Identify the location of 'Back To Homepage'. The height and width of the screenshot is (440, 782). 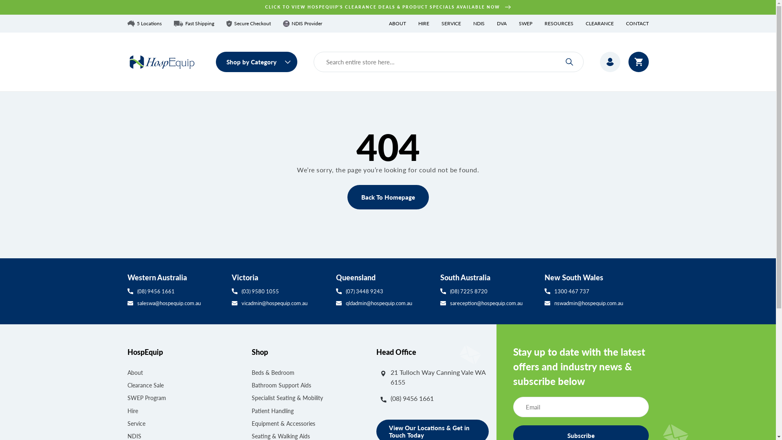
(387, 197).